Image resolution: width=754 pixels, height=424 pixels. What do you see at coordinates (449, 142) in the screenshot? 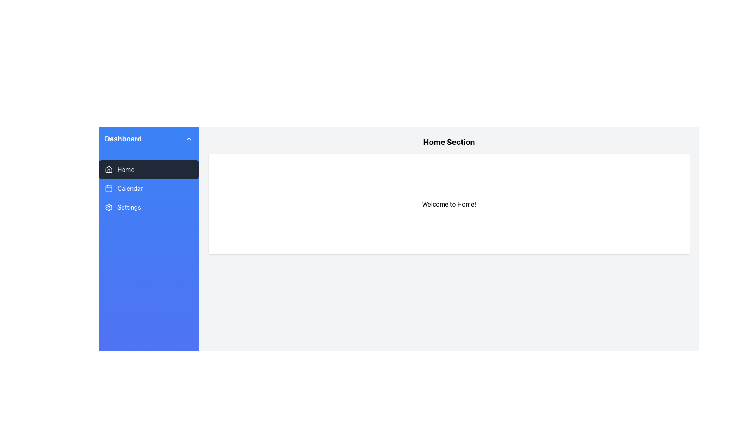
I see `the Home section heading text label` at bounding box center [449, 142].